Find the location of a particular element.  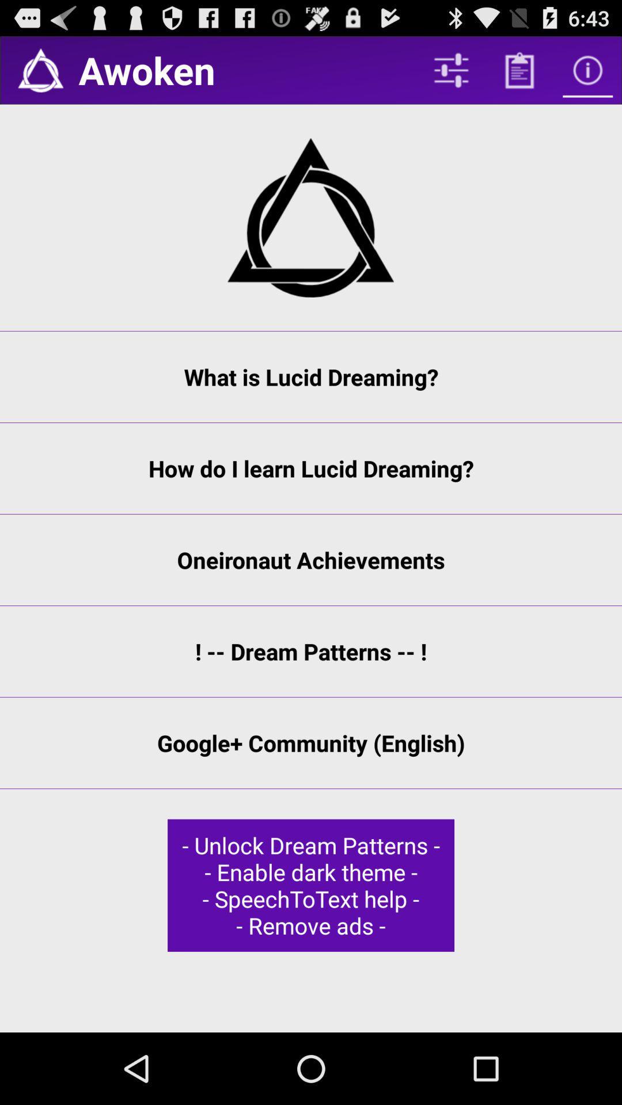

the app below what is lucid item is located at coordinates (311, 468).